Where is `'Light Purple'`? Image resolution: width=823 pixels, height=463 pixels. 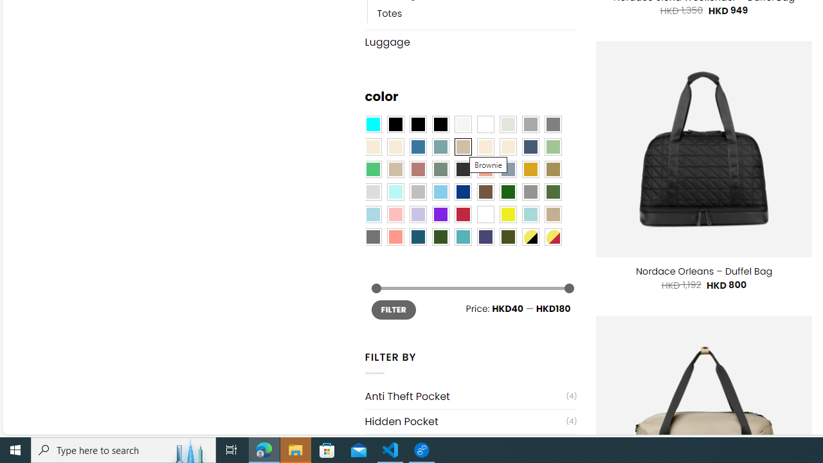 'Light Purple' is located at coordinates (418, 214).